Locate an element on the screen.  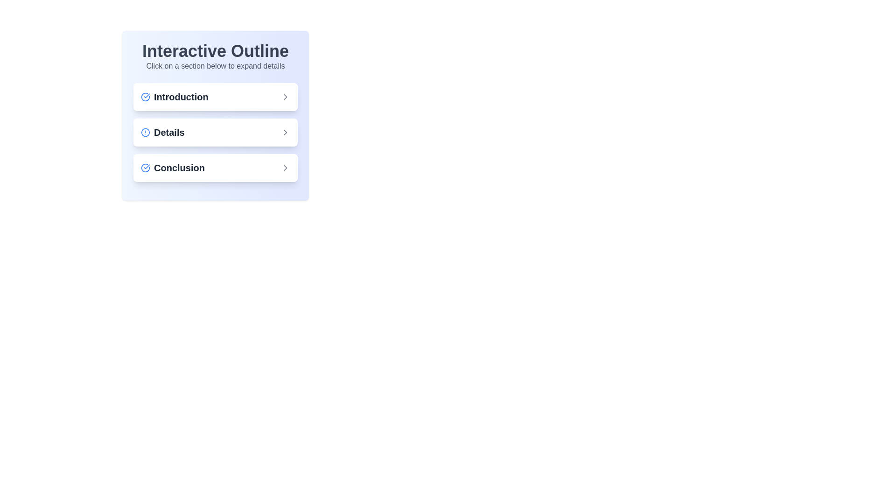
the button located below 'Introduction' and above 'Conclusion' is located at coordinates (215, 133).